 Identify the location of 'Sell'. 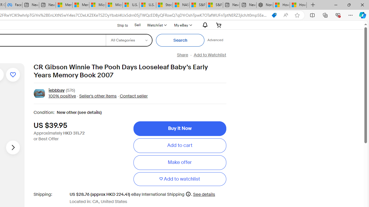
(137, 24).